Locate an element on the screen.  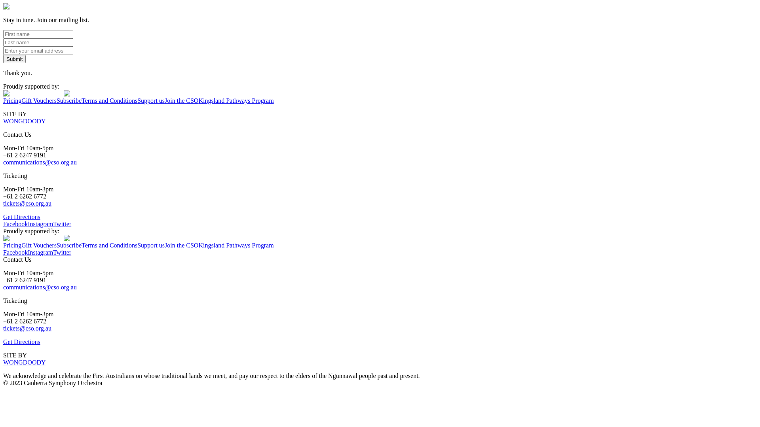
'communications@cso.org.au' is located at coordinates (3, 287).